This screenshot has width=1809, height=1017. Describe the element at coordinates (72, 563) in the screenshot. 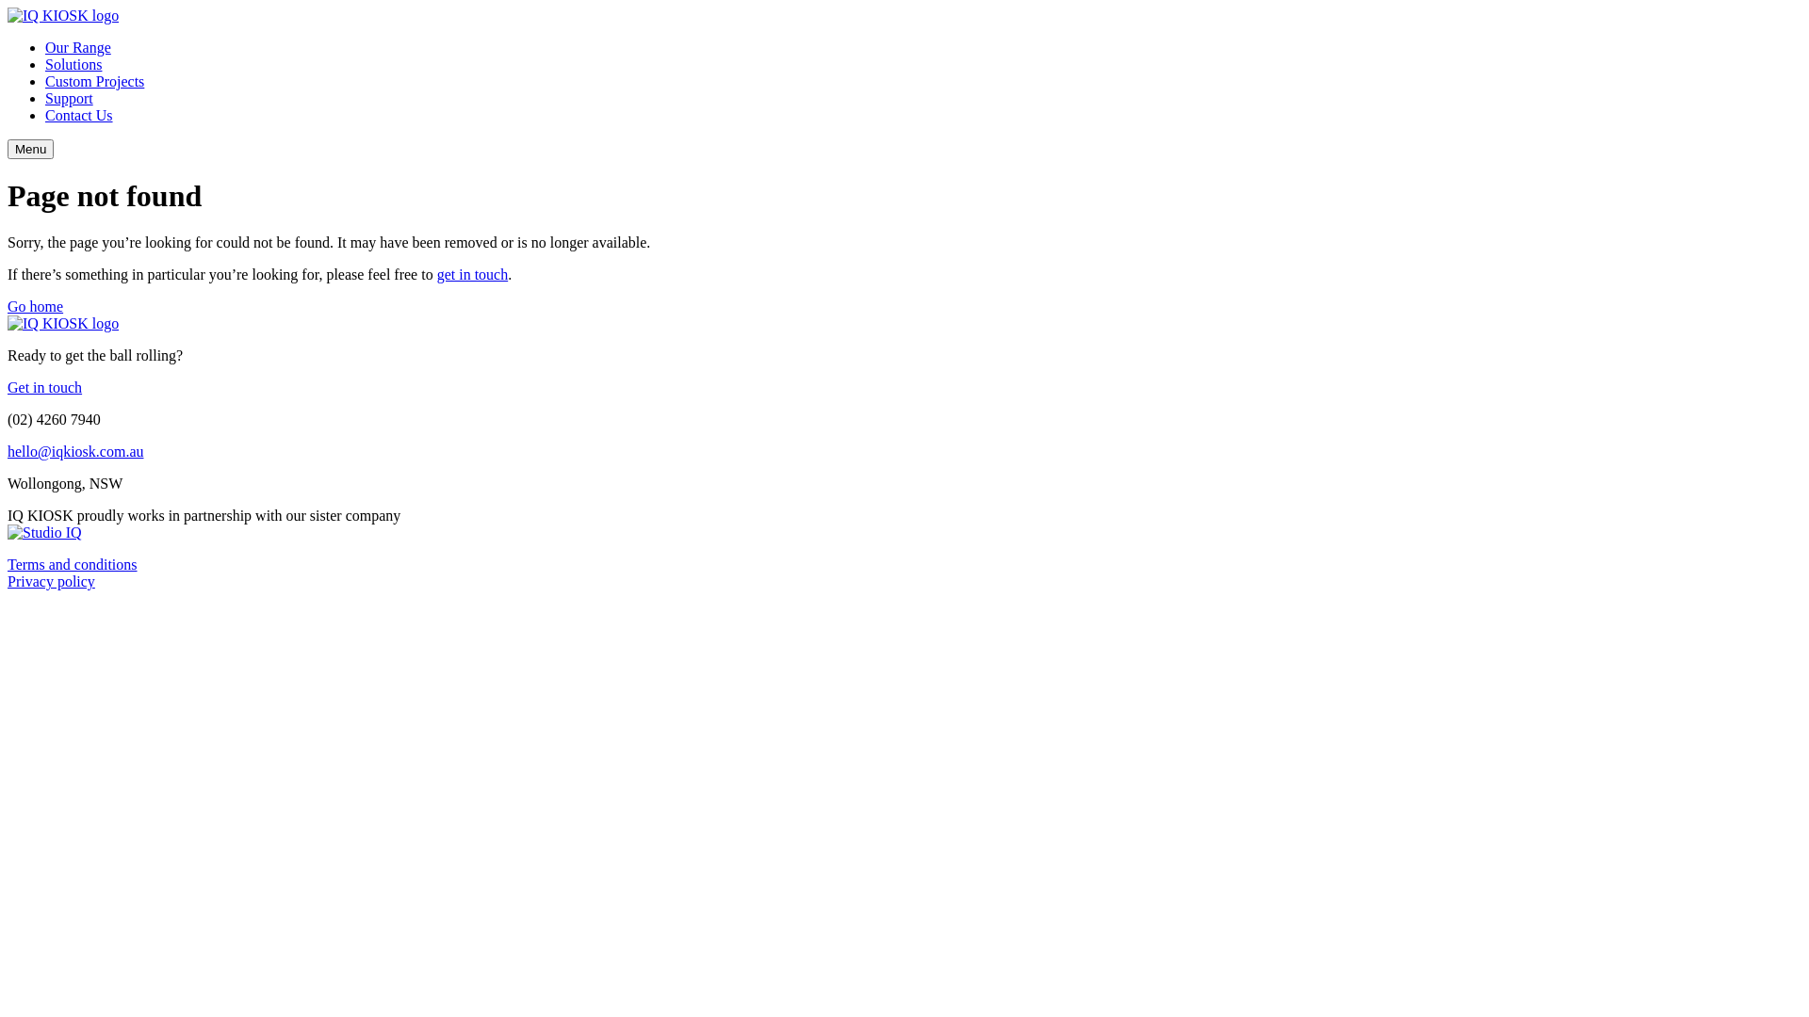

I see `'Terms and conditions'` at that location.